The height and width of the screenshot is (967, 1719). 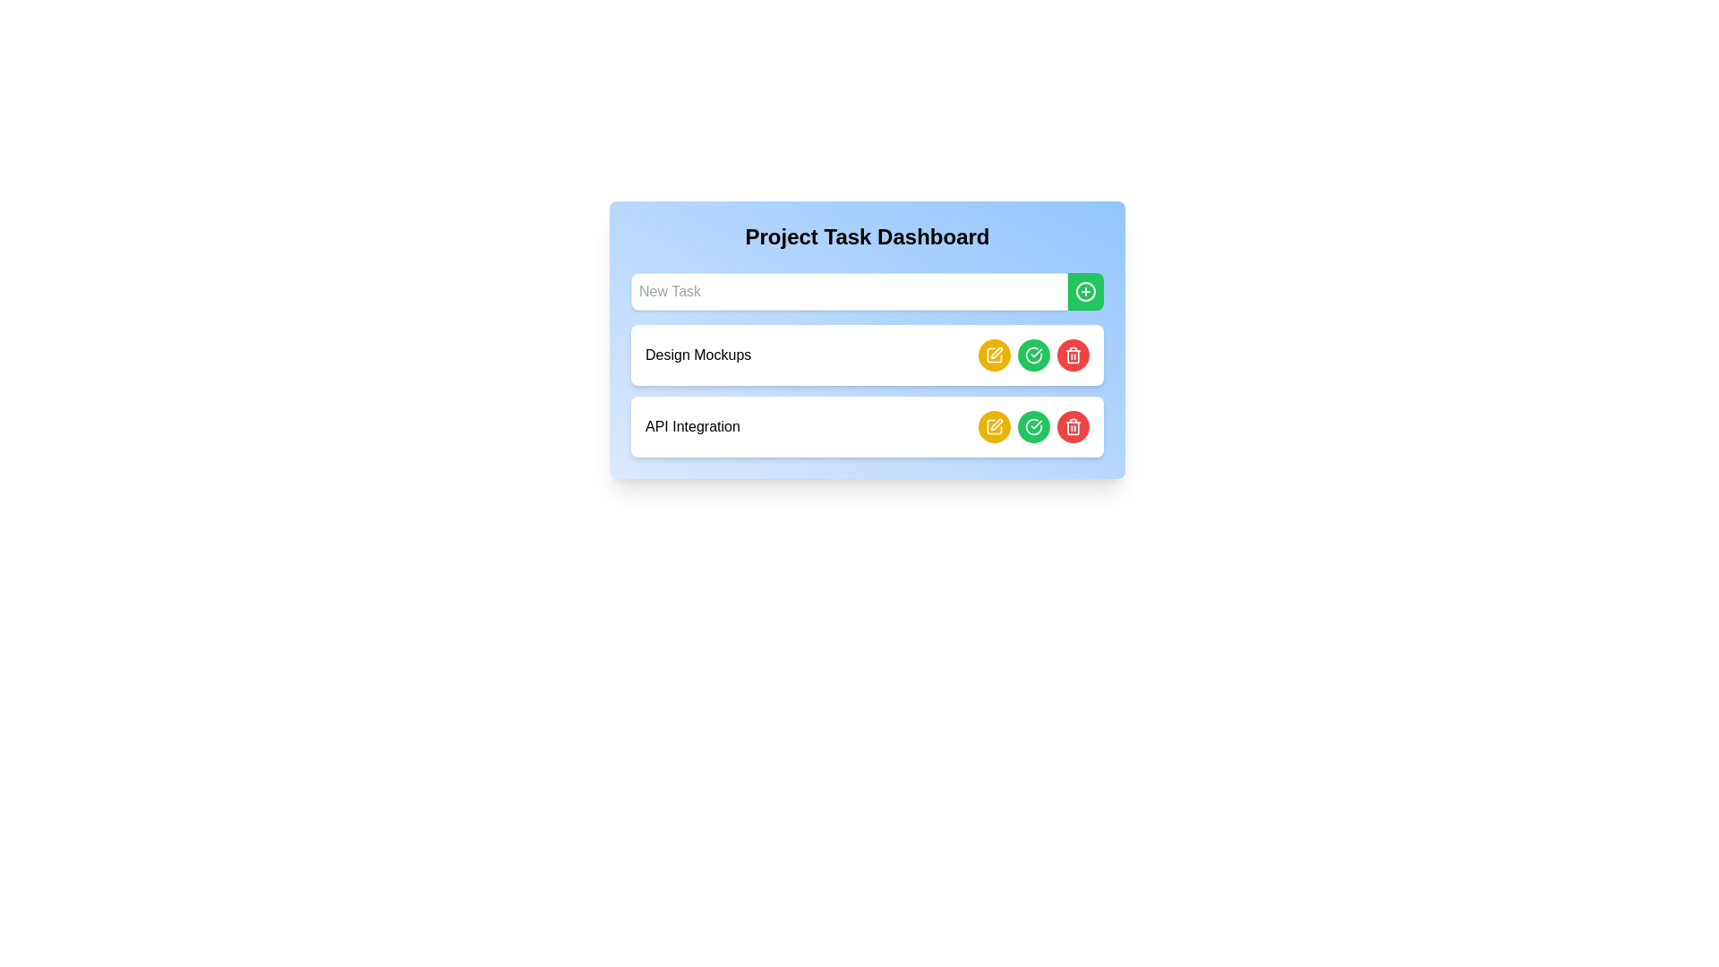 I want to click on the edit button located in the right section of the 'API Integration' row to initiate editing of the corresponding task, so click(x=993, y=355).